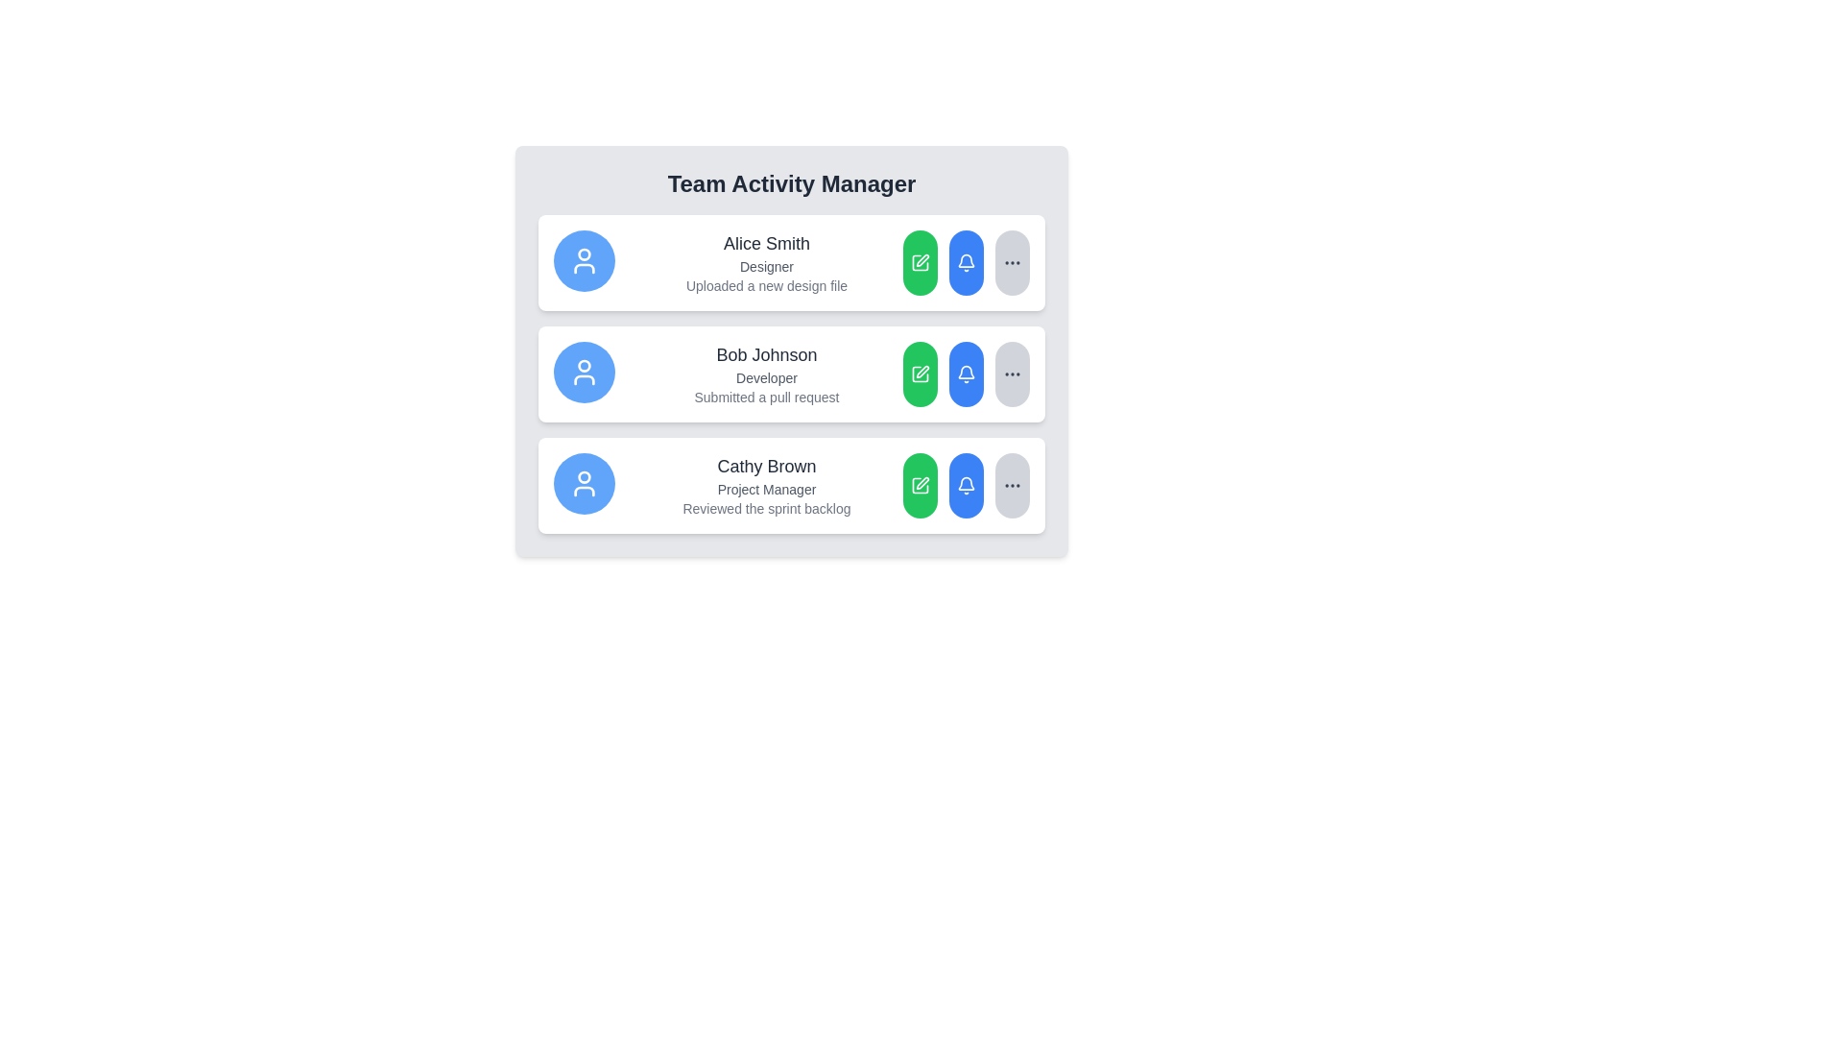  What do you see at coordinates (967, 262) in the screenshot?
I see `the blue circular icon with a bell symbol located under the 'Team Activity Manager' header, next to 'Bob Johnson'` at bounding box center [967, 262].